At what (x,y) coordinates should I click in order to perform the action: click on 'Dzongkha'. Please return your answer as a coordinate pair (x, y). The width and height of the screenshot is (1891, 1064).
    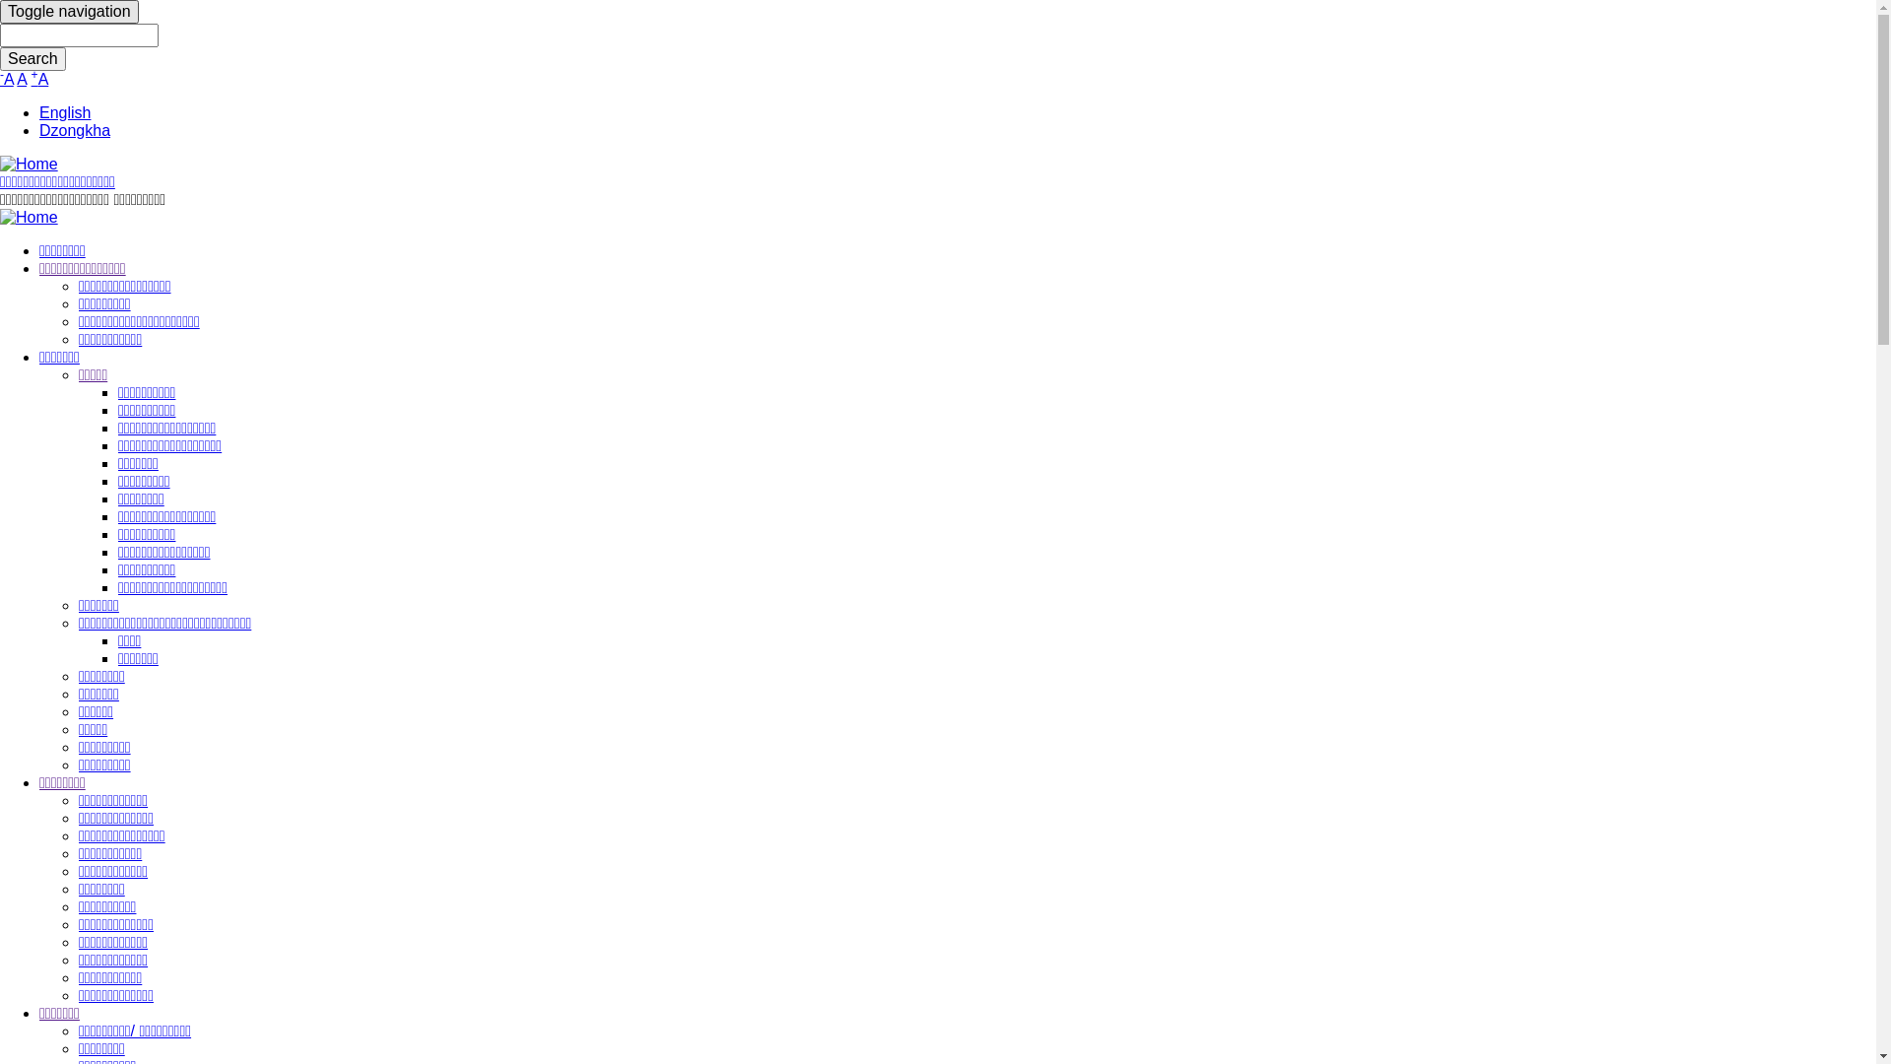
    Looking at the image, I should click on (75, 130).